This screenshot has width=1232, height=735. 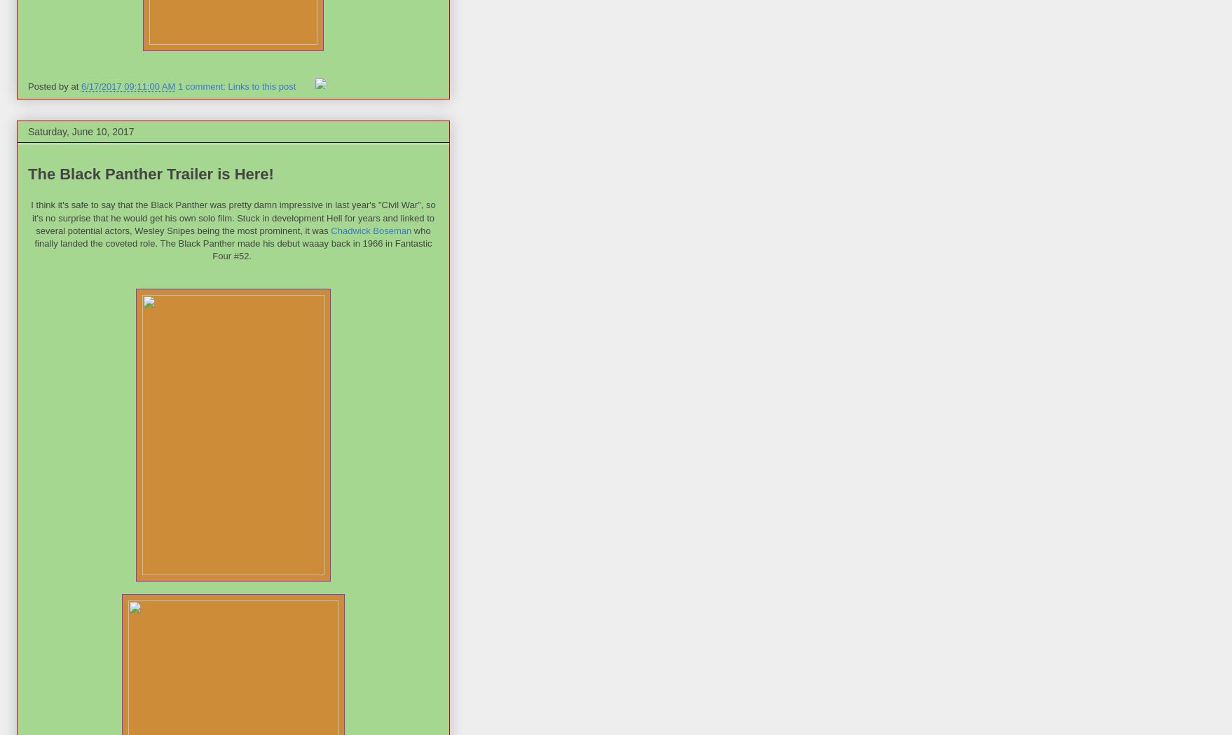 I want to click on 'I think it's safe to say that the Black Panther was pretty damn impressive in last year's "Civil War", so it's no surprise that he would get his own solo film. Stuck in development Hell for years and linked to several potential actors, Wesley Snipes being the most prominent, it was', so click(x=233, y=217).